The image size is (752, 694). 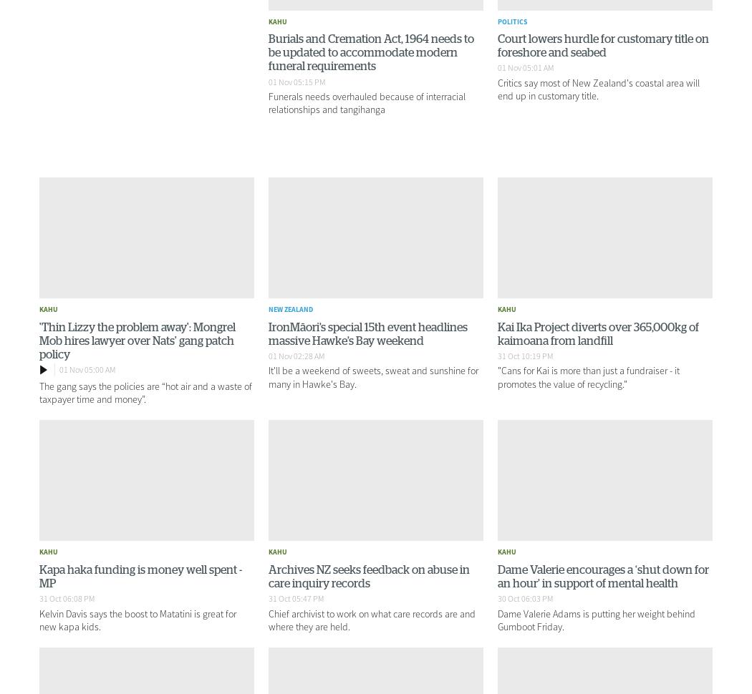 What do you see at coordinates (296, 81) in the screenshot?
I see `'01 Nov 05:15 PM'` at bounding box center [296, 81].